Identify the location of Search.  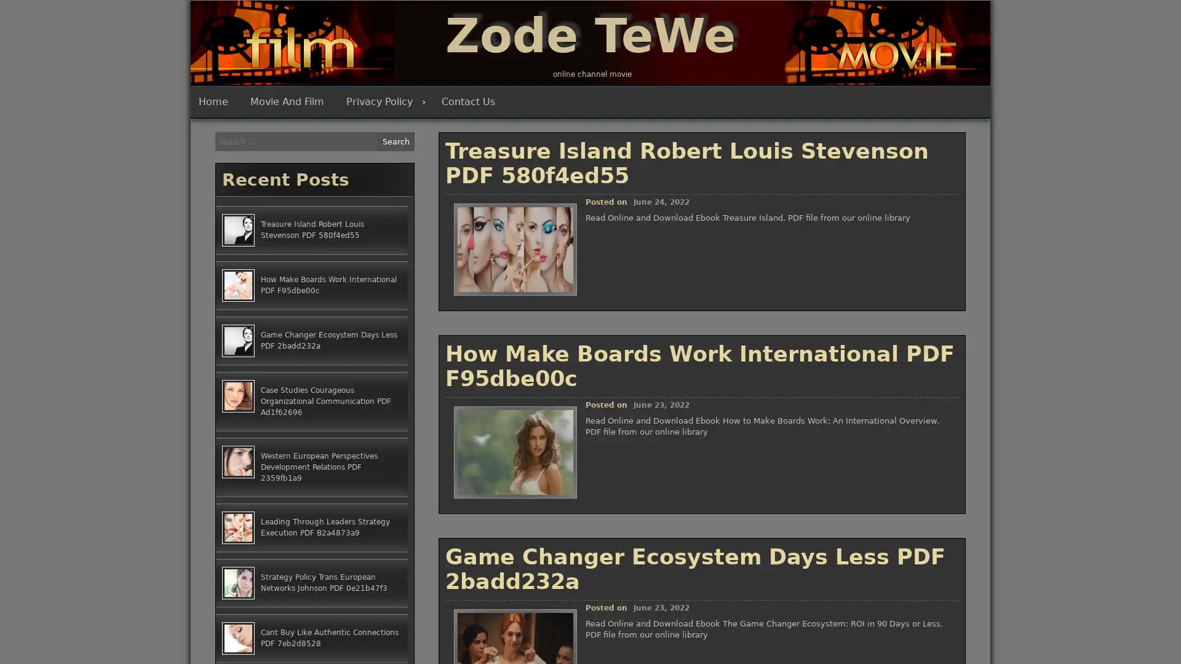
(396, 141).